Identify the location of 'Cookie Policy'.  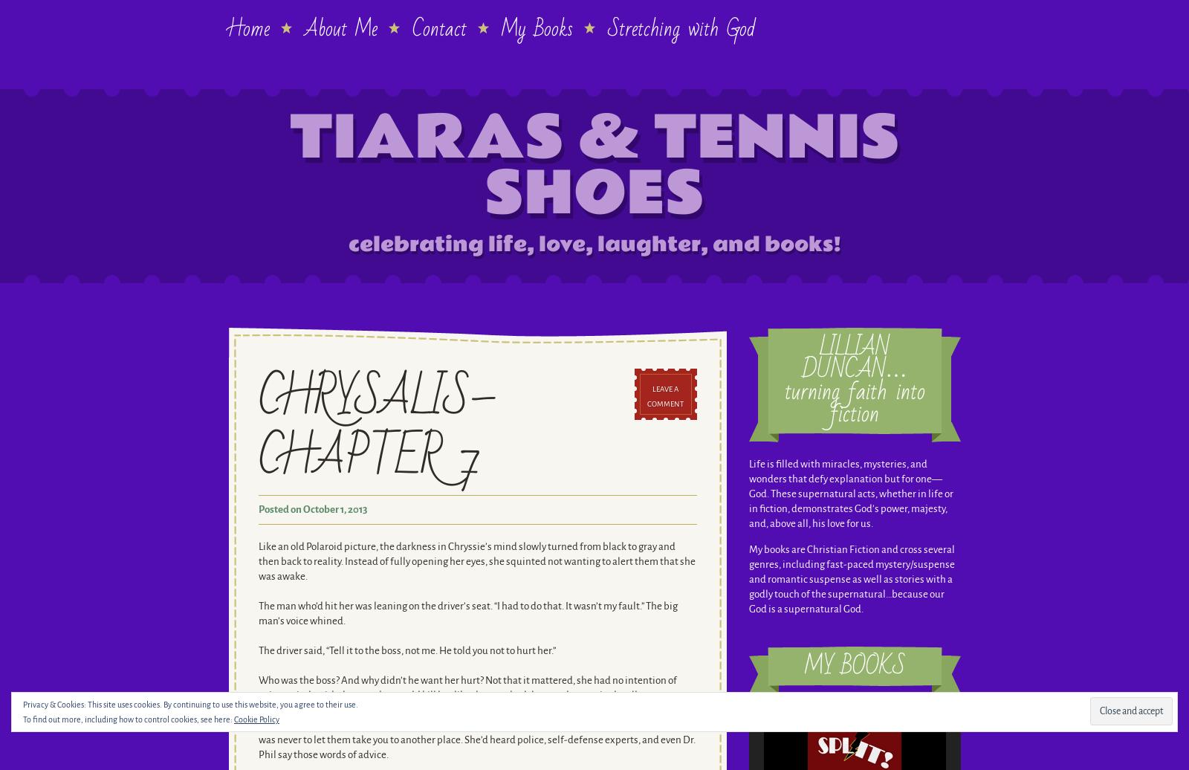
(256, 719).